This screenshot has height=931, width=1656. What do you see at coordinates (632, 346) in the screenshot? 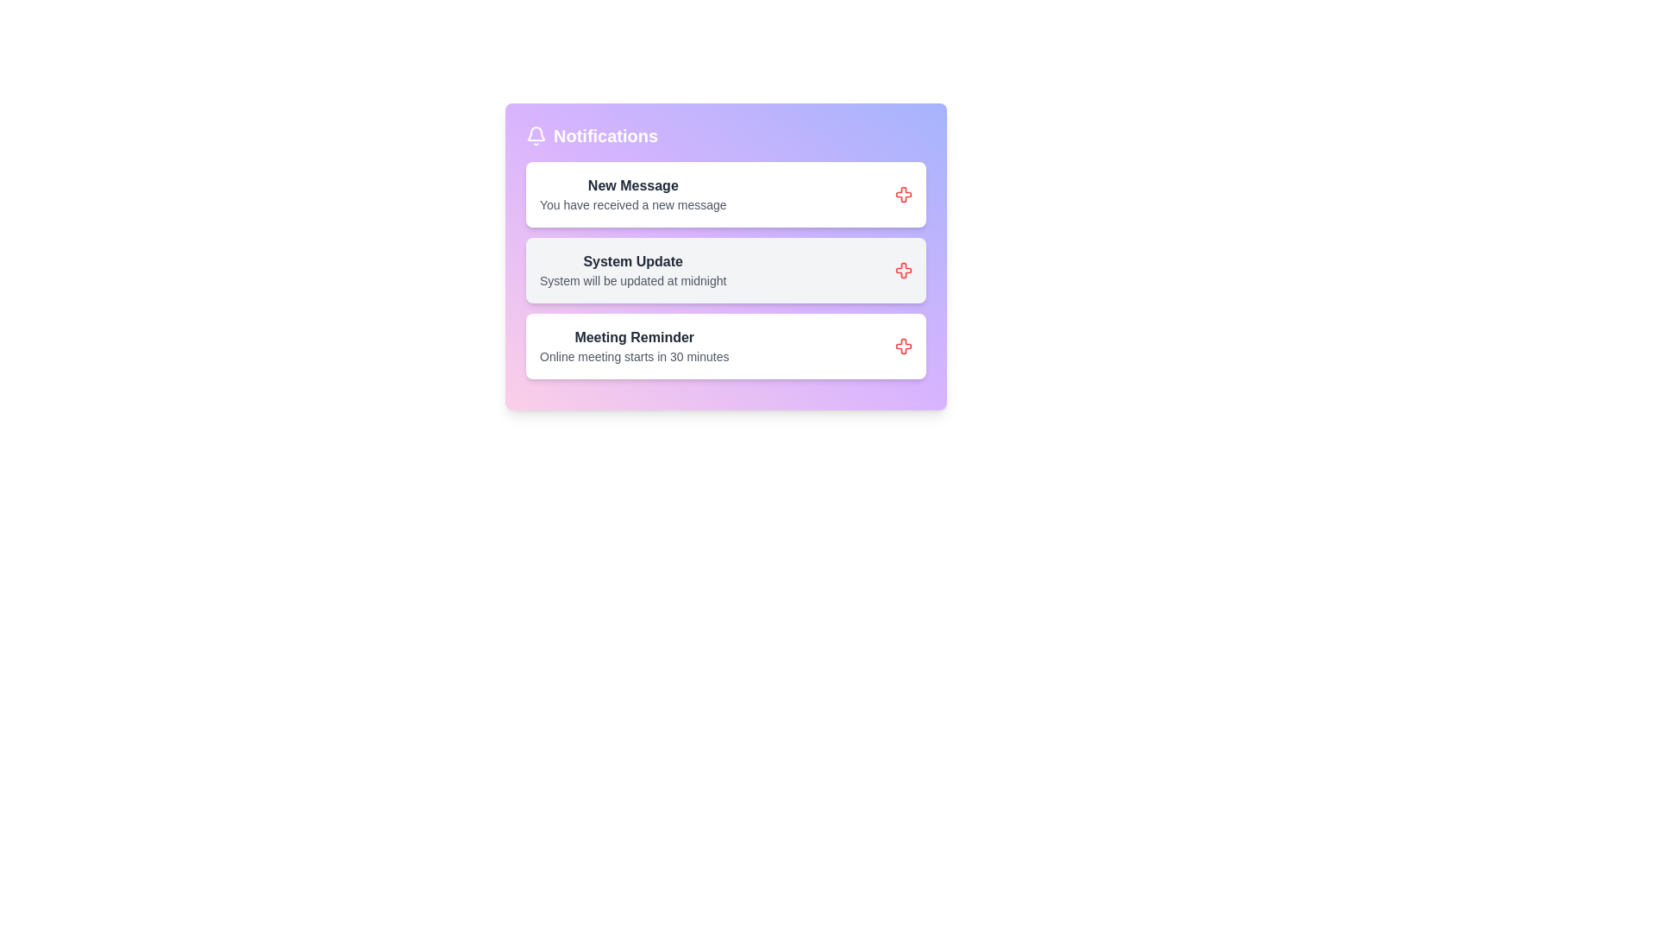
I see `the details of a notification by selecting the notification with title 'Meeting Reminder'` at bounding box center [632, 346].